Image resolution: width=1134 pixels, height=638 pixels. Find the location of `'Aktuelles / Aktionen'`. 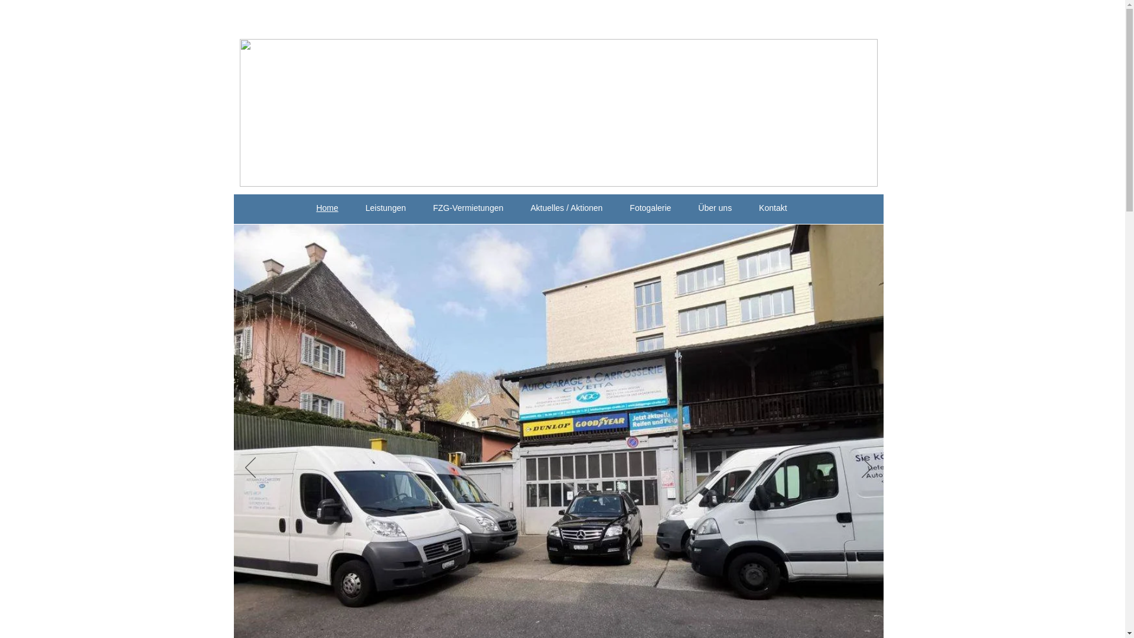

'Aktuelles / Aktionen' is located at coordinates (566, 207).